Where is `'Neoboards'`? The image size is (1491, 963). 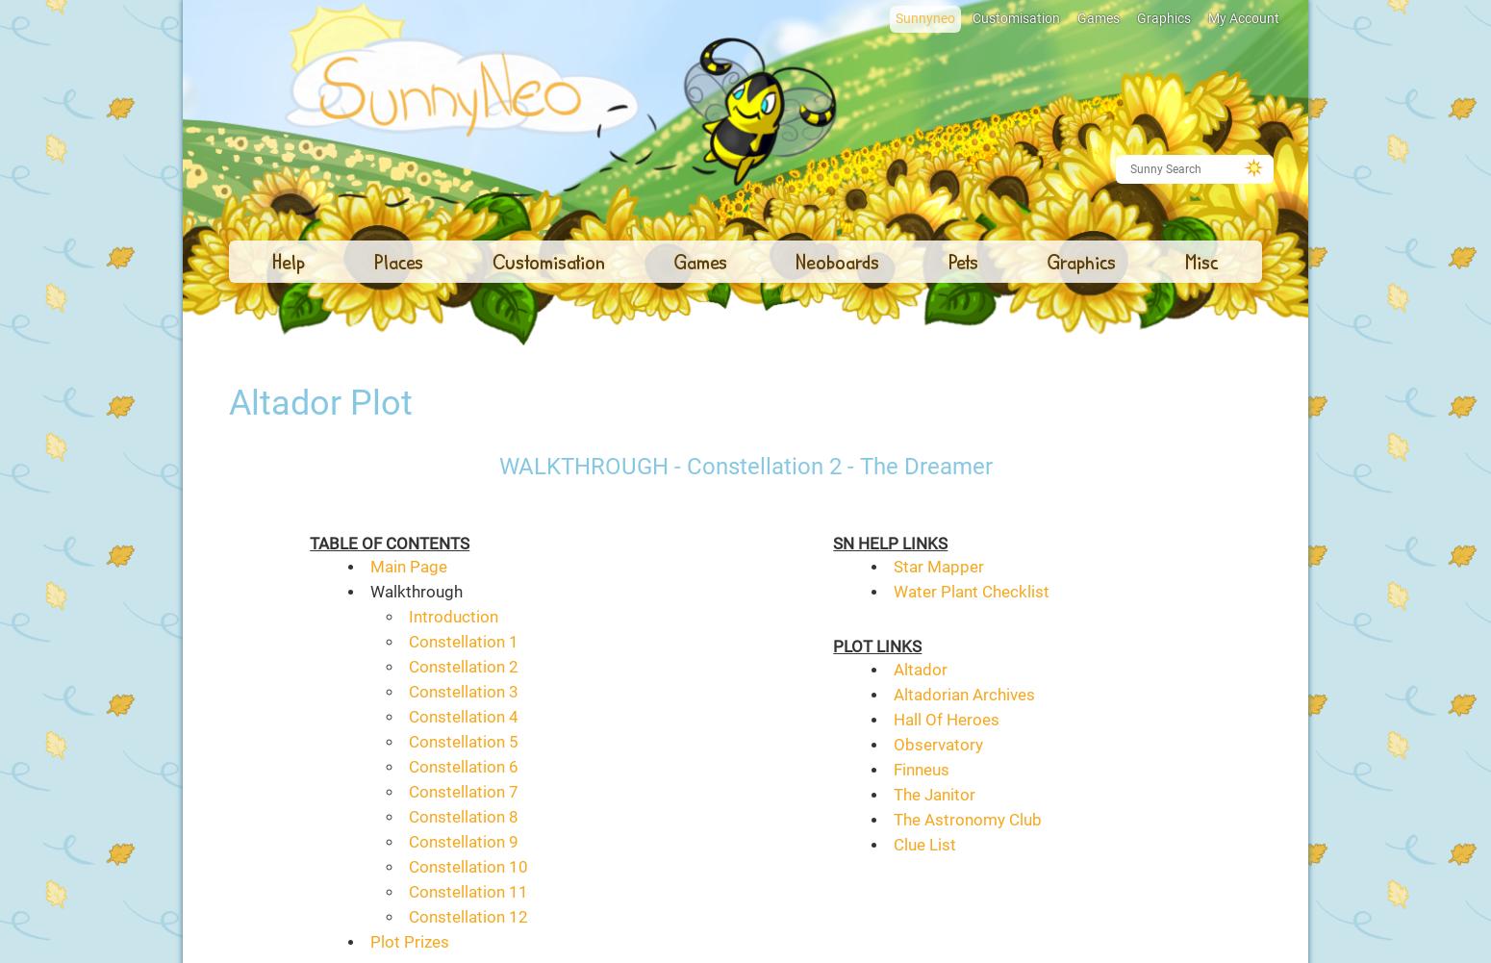 'Neoboards' is located at coordinates (794, 260).